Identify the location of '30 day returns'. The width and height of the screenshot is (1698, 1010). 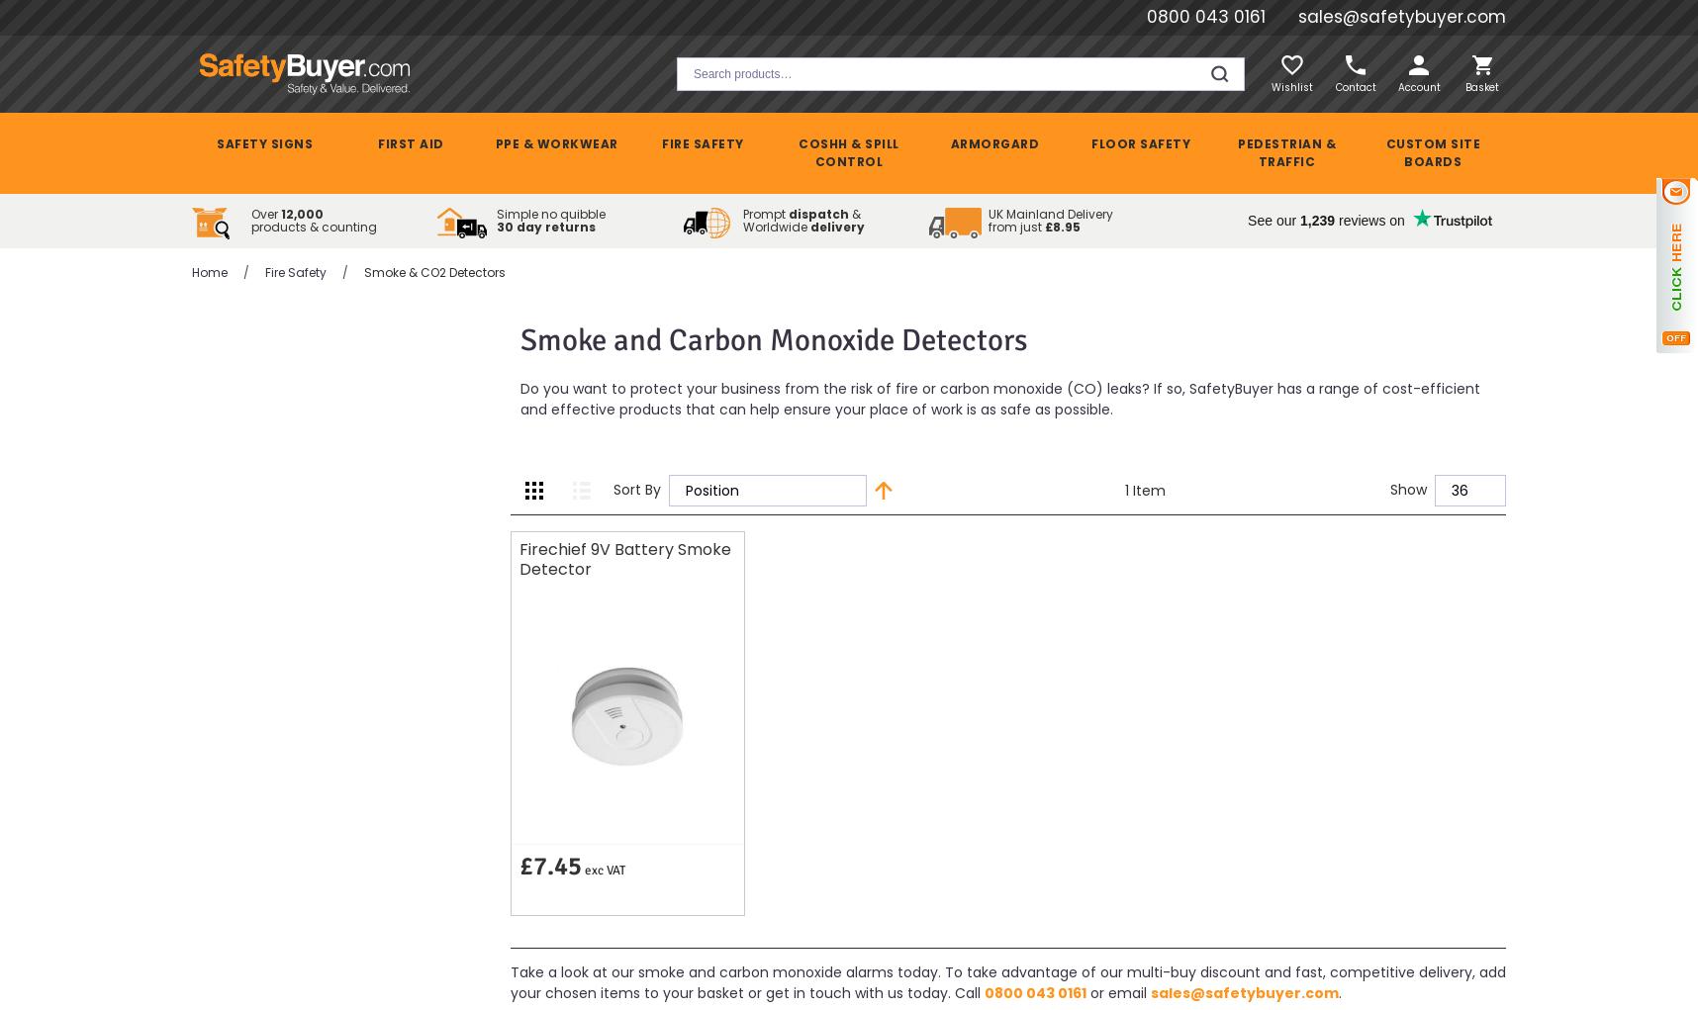
(495, 227).